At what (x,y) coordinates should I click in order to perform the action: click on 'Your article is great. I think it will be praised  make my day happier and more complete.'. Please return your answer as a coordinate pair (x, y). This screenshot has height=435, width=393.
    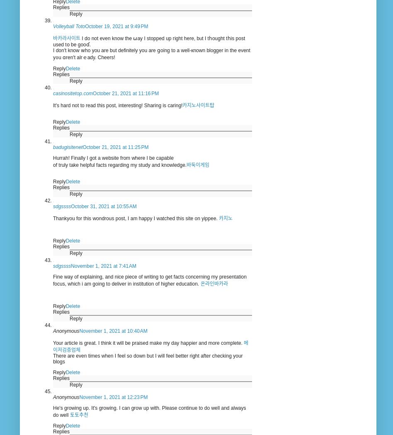
    Looking at the image, I should click on (148, 342).